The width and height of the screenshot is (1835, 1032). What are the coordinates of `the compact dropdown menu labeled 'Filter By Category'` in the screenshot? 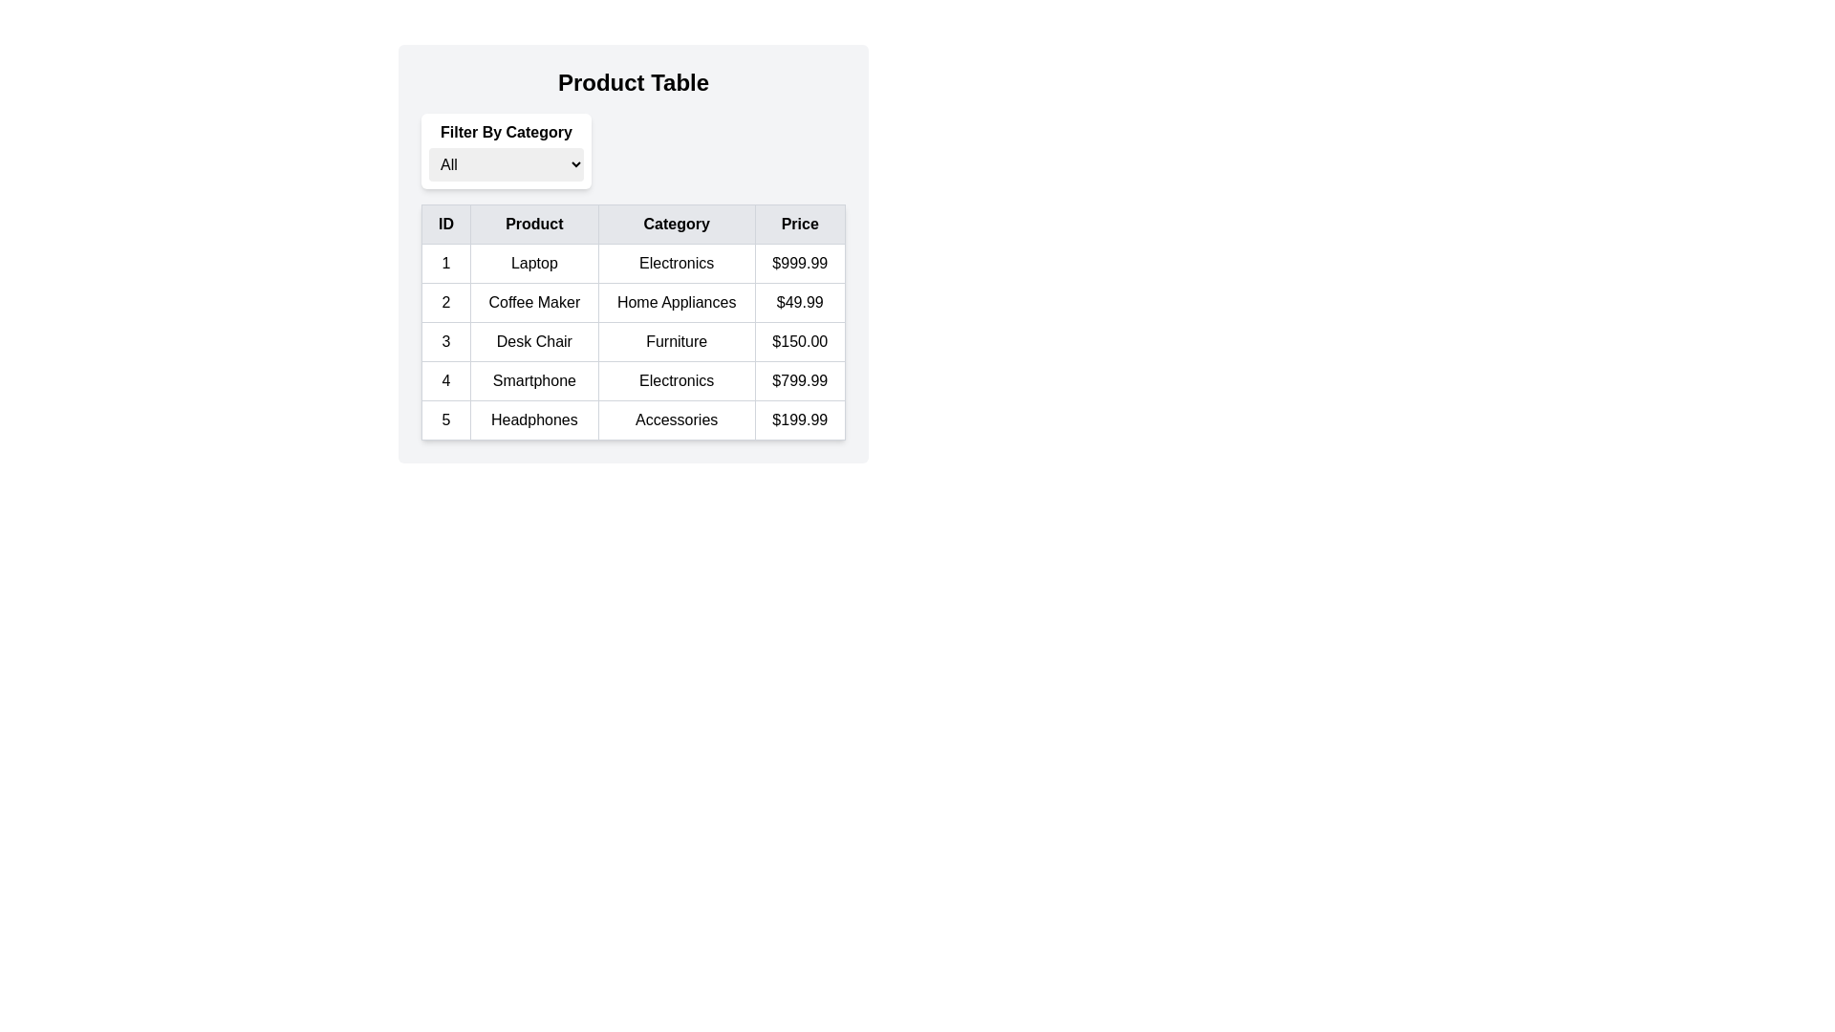 It's located at (506, 150).